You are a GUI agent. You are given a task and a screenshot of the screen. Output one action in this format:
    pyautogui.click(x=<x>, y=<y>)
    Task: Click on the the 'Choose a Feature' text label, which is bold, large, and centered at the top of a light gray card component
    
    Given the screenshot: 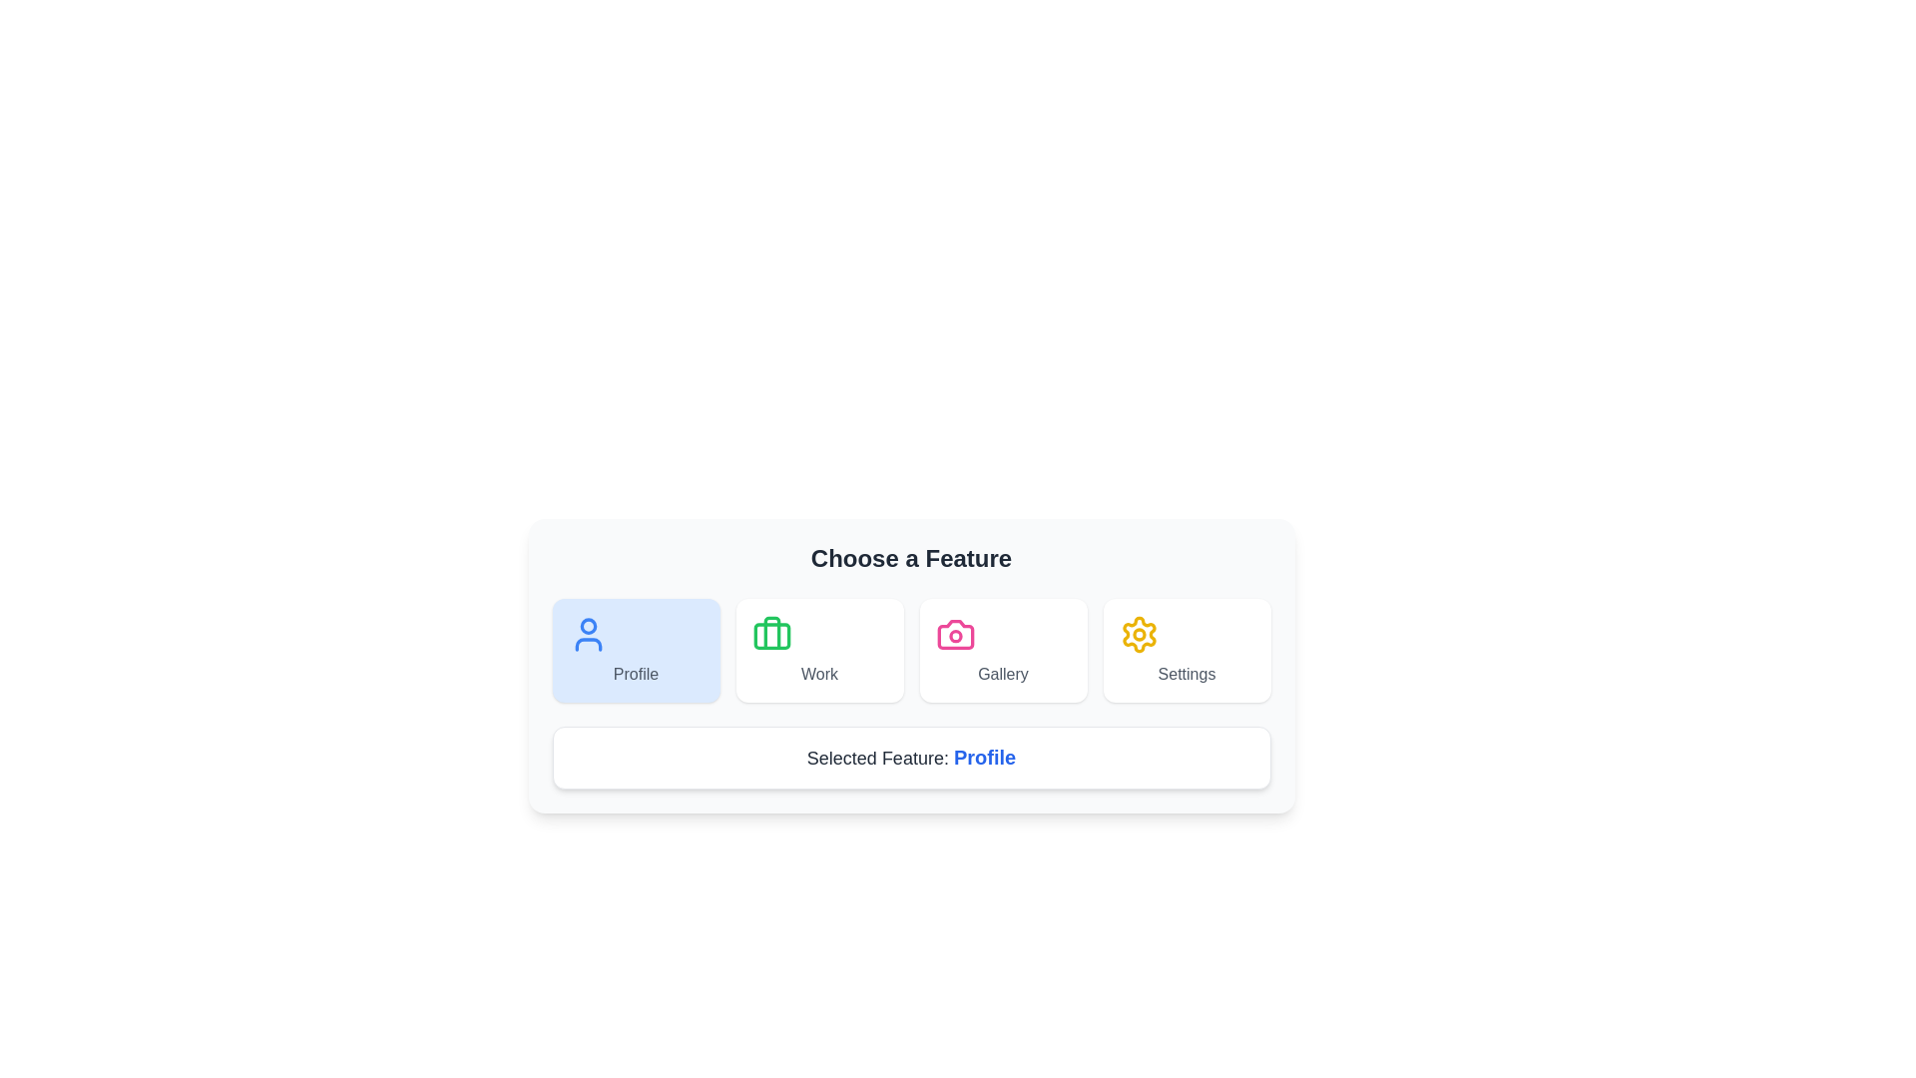 What is the action you would take?
    pyautogui.click(x=910, y=558)
    